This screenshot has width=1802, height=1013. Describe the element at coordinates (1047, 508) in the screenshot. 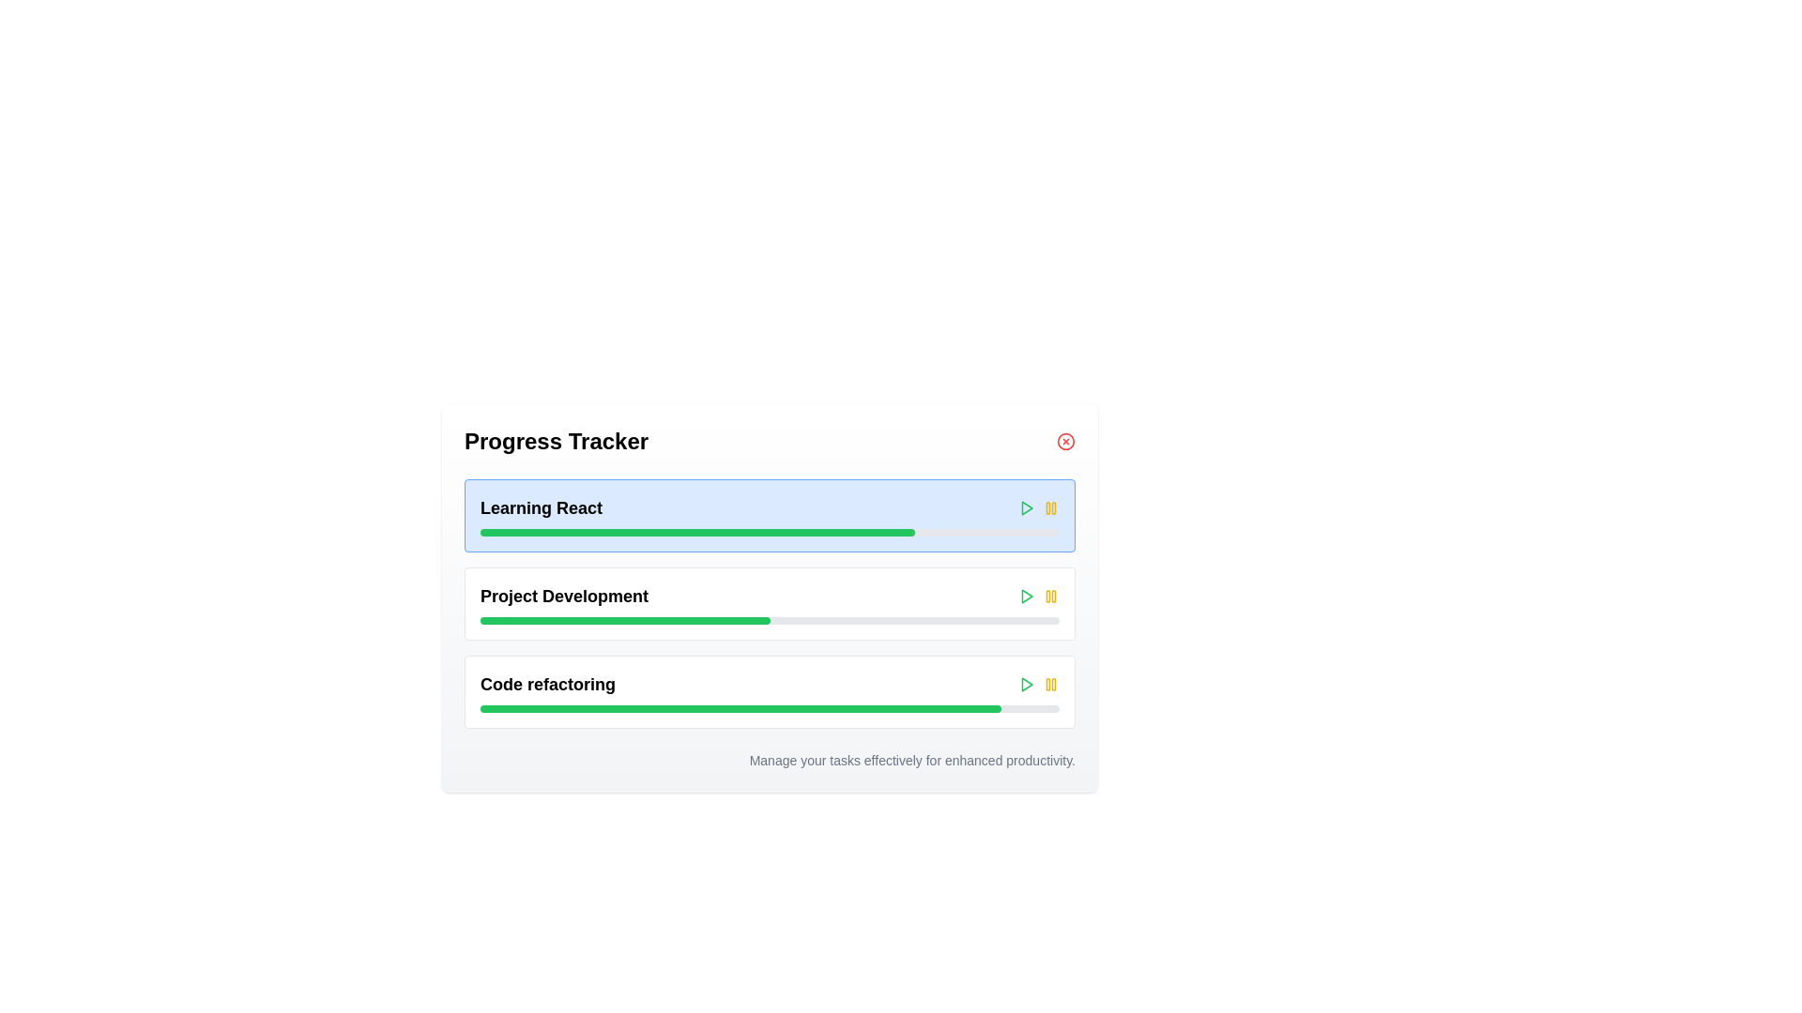

I see `the left bar of the 'pause' icon in the top-right corner of the 'Learning React' component` at that location.